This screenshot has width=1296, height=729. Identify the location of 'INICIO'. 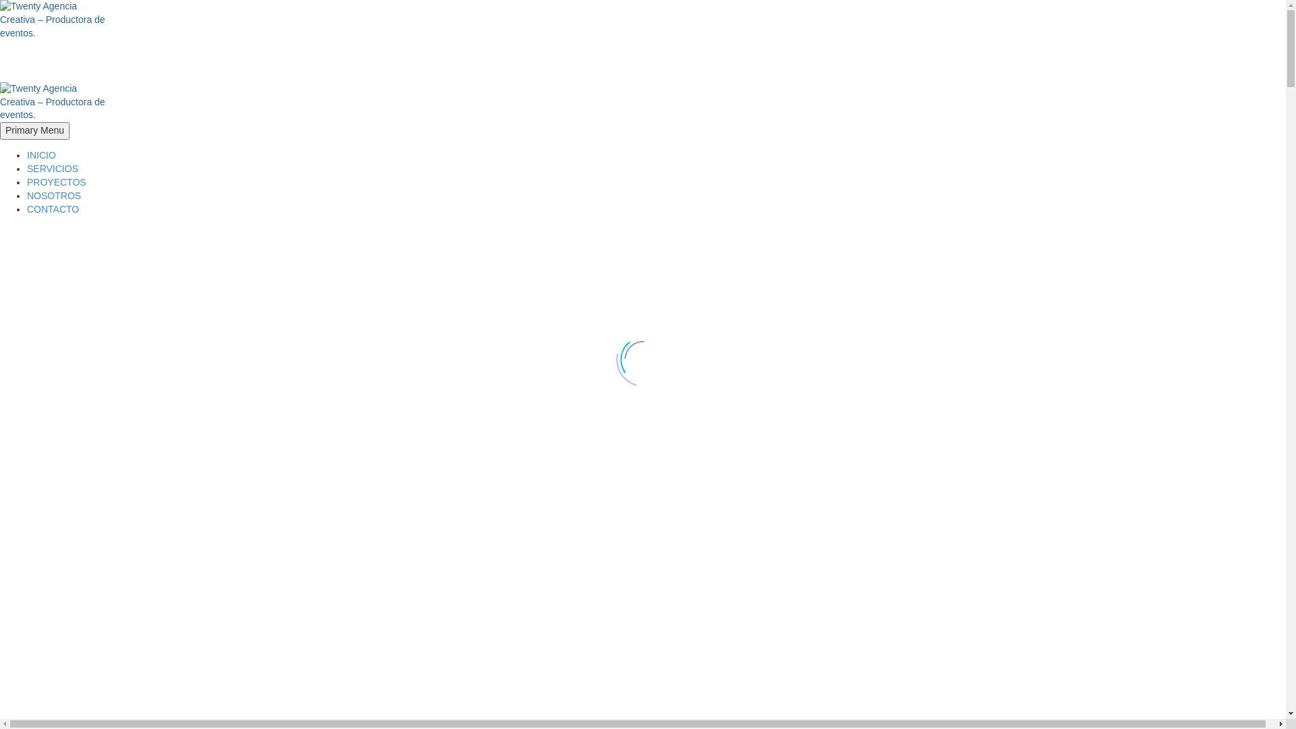
(41, 155).